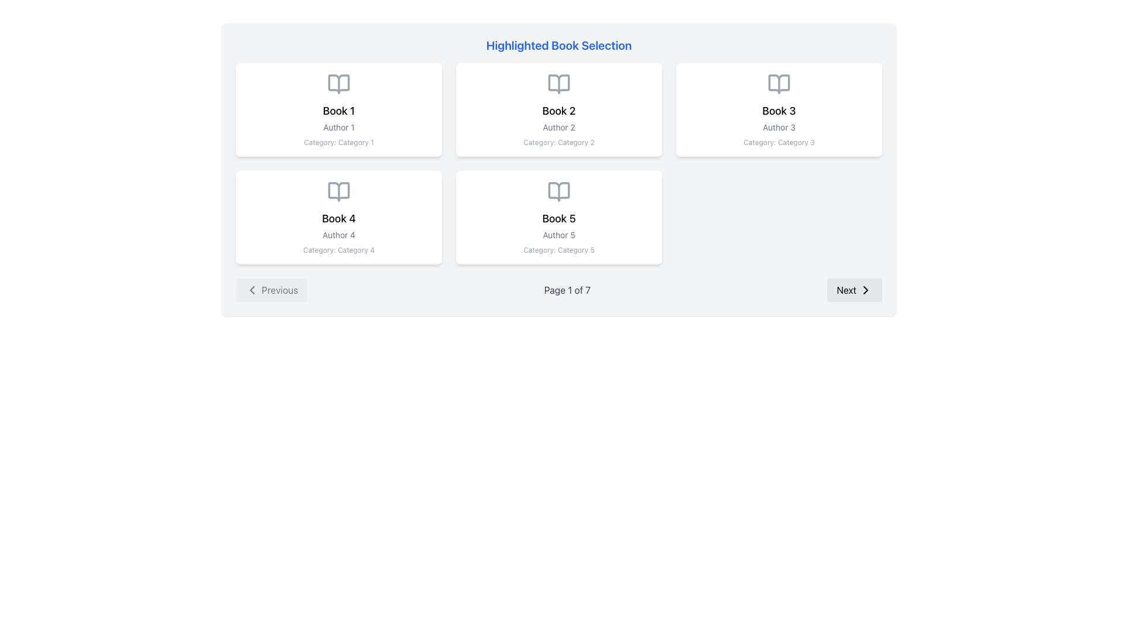  Describe the element at coordinates (558, 219) in the screenshot. I see `the title text display for 'Book 5'` at that location.